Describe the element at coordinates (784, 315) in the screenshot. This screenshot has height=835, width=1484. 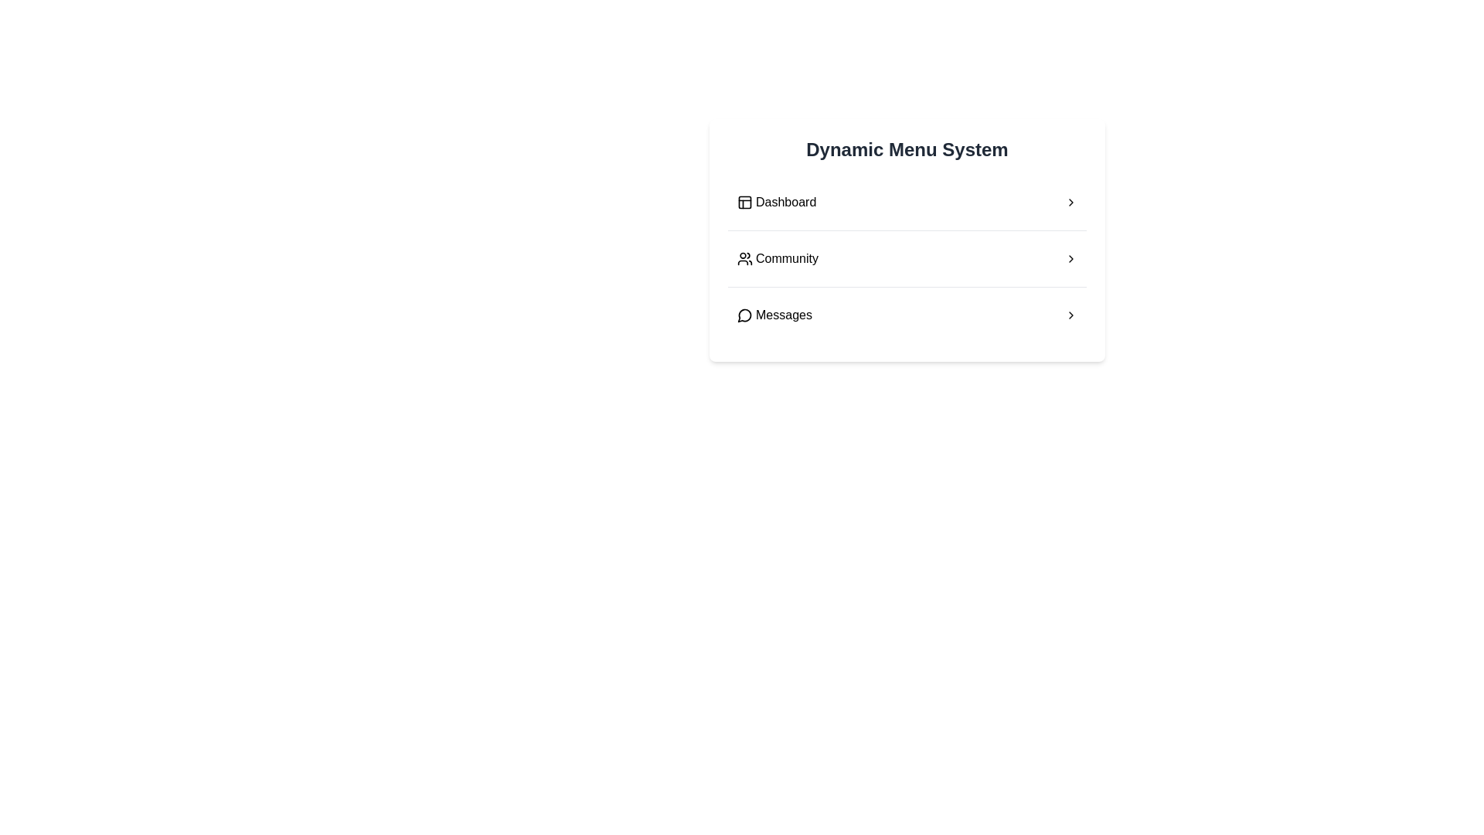
I see `text label 'Messages' located in the third item of a vertical menu, aligned with a speech bubble icon` at that location.